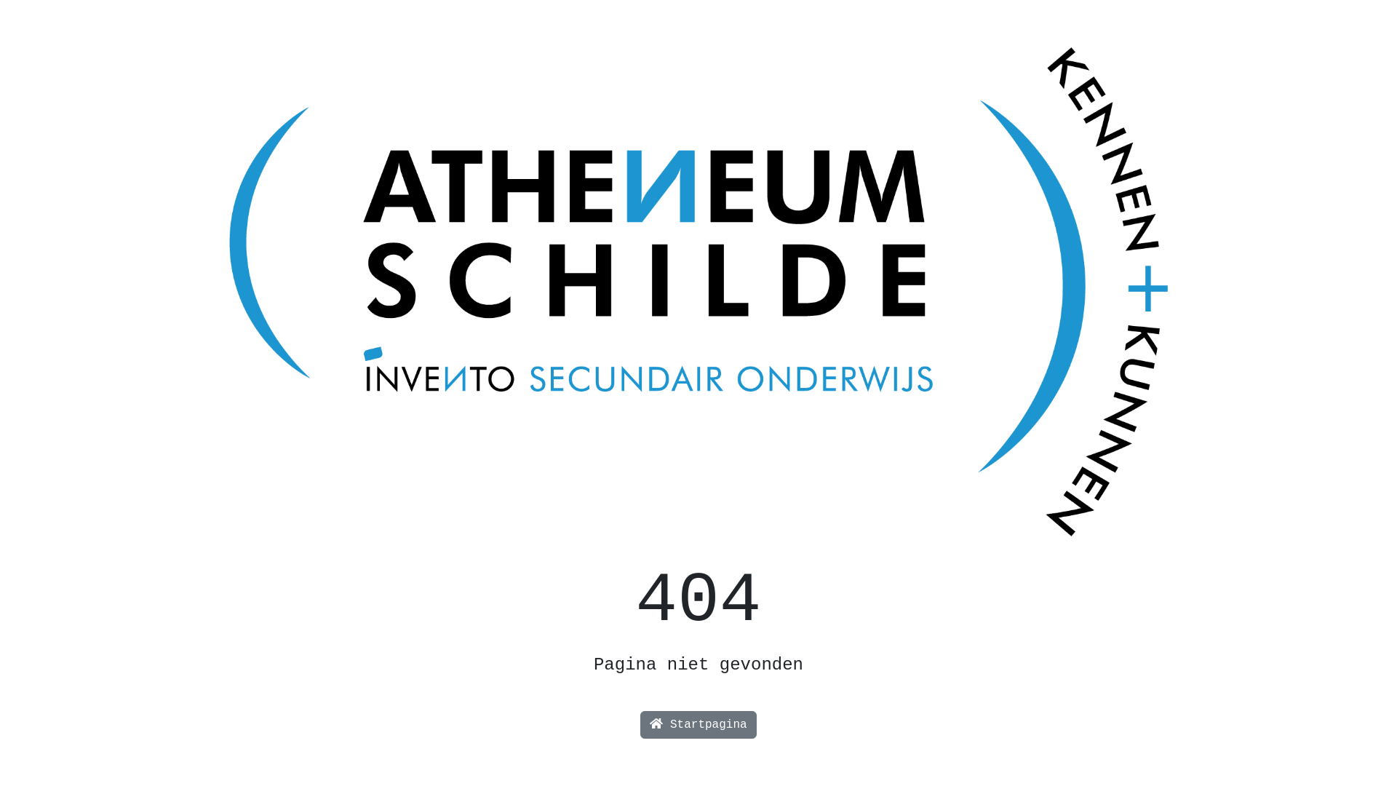 The height and width of the screenshot is (786, 1397). I want to click on 'Startpagina', so click(697, 724).